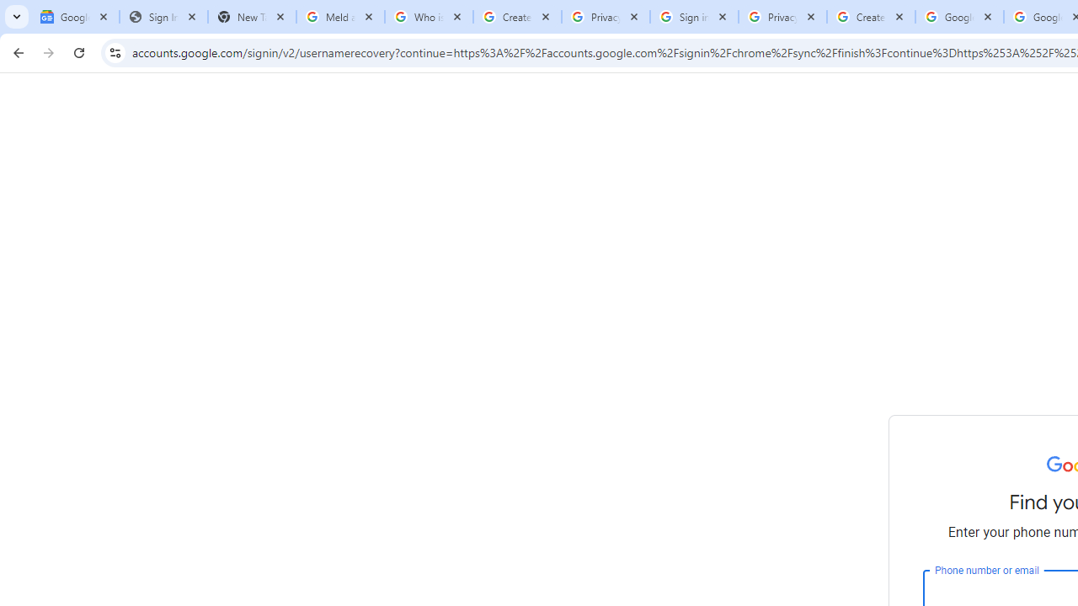 The image size is (1078, 606). What do you see at coordinates (114, 51) in the screenshot?
I see `'View site information'` at bounding box center [114, 51].